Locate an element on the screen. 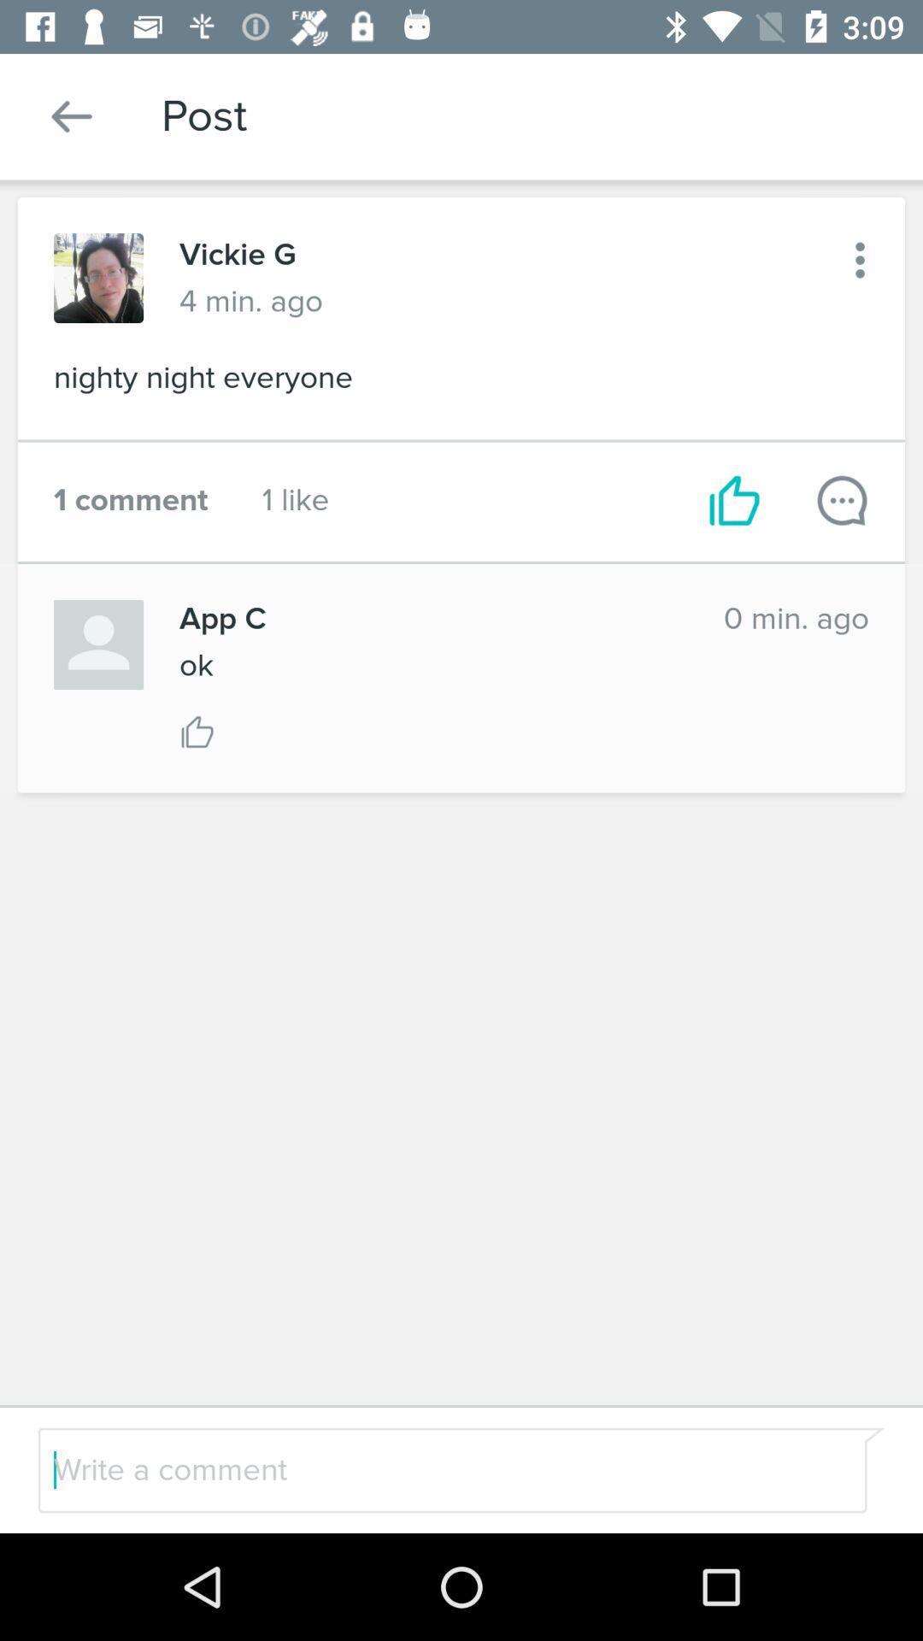 This screenshot has height=1641, width=923. the nighty night everyone item is located at coordinates (461, 382).